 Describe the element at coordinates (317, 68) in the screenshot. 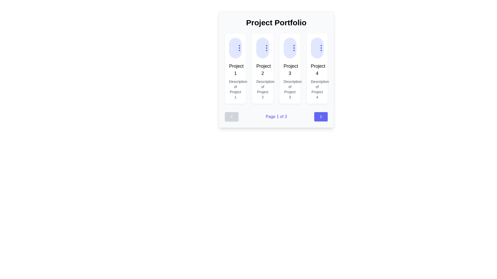

I see `the Card component labeled 'Project 4', which is a white rectangular tile with rounded corners, containing a circular icon at the top and bold text in the center` at that location.